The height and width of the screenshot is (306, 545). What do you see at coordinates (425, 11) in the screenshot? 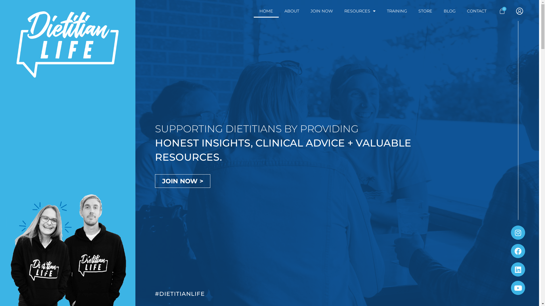
I see `'STORE'` at bounding box center [425, 11].